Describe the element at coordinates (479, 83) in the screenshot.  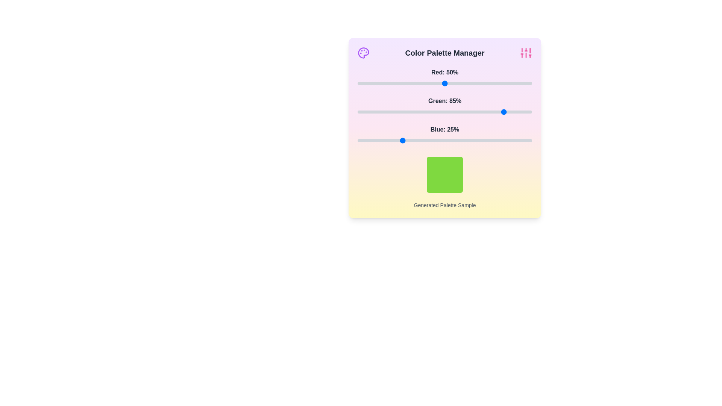
I see `the 0 slider to 70% to observe the updated color sample box` at that location.